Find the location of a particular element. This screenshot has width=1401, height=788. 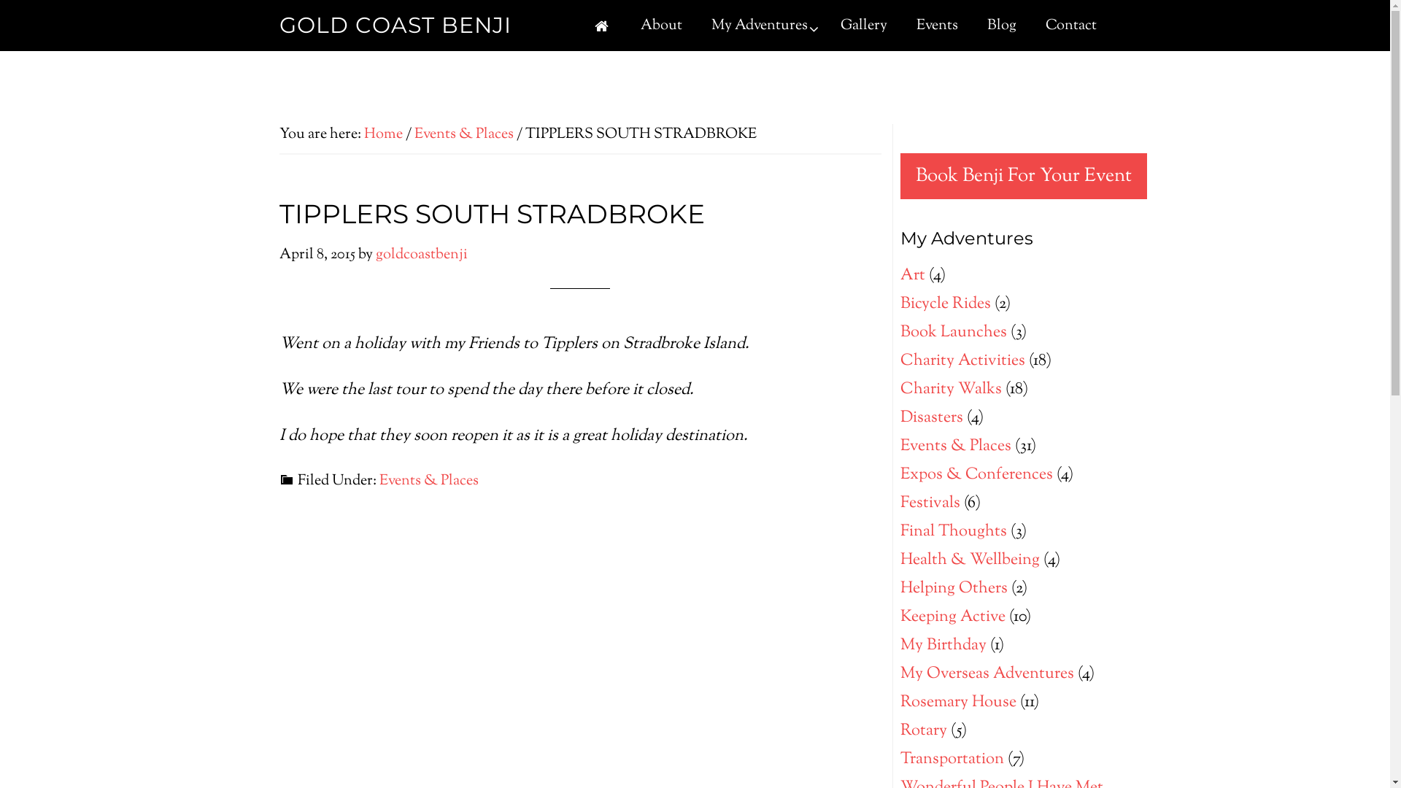

'Festivals' is located at coordinates (930, 503).